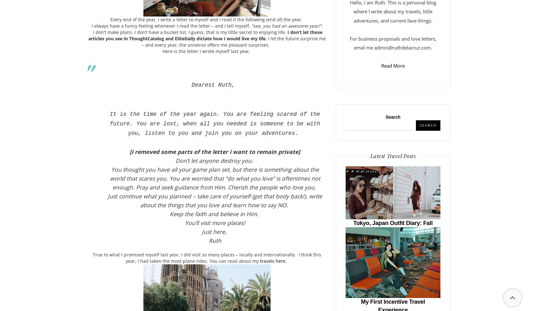 The image size is (538, 311). Describe the element at coordinates (215, 240) in the screenshot. I see `'Ruth'` at that location.